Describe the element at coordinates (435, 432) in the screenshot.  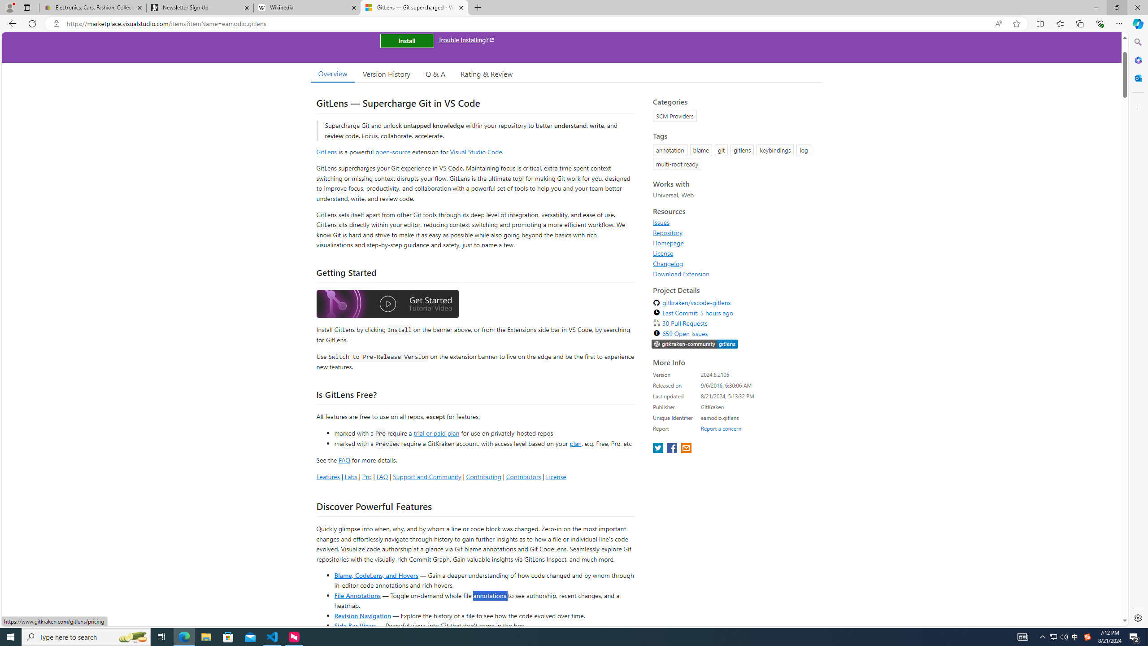
I see `'trial or paid plan'` at that location.